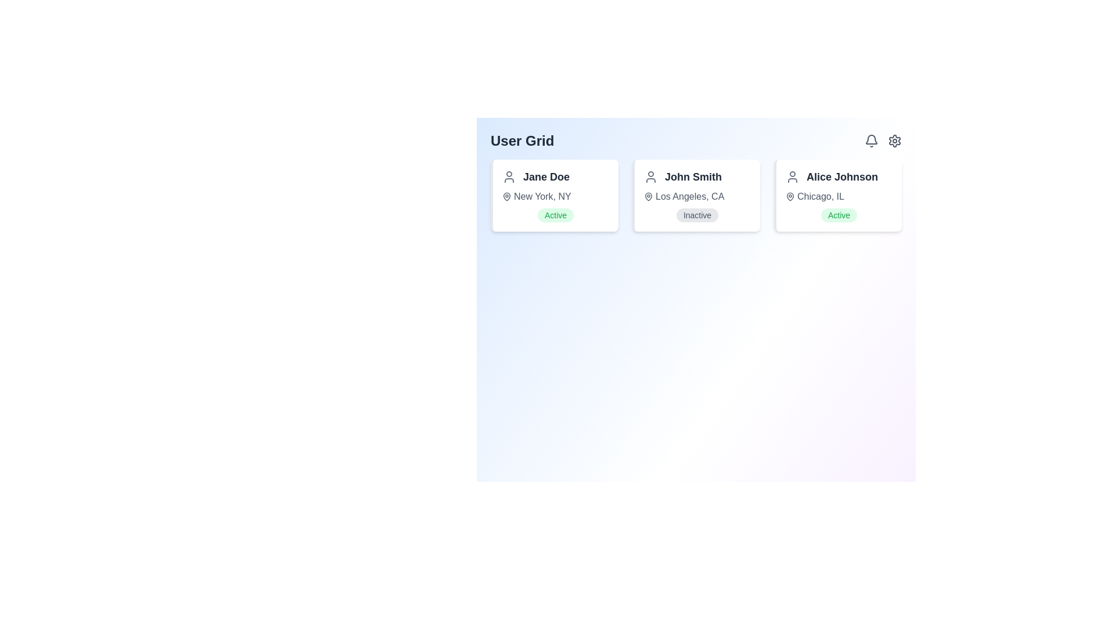  What do you see at coordinates (842, 176) in the screenshot?
I see `text label displaying 'Alice Johnson', which is styled in a large, bold gray font and positioned within a user card context` at bounding box center [842, 176].